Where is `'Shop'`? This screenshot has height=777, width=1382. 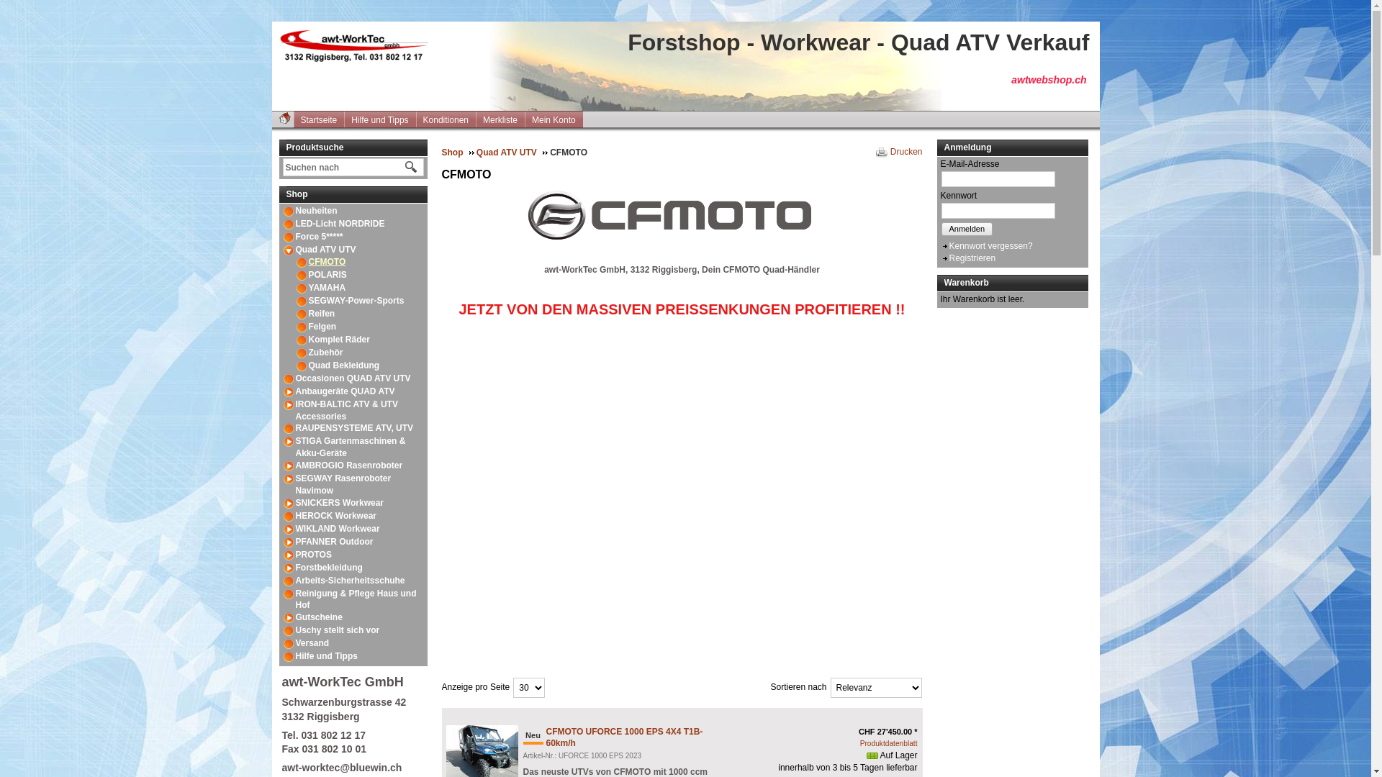 'Shop' is located at coordinates (353, 194).